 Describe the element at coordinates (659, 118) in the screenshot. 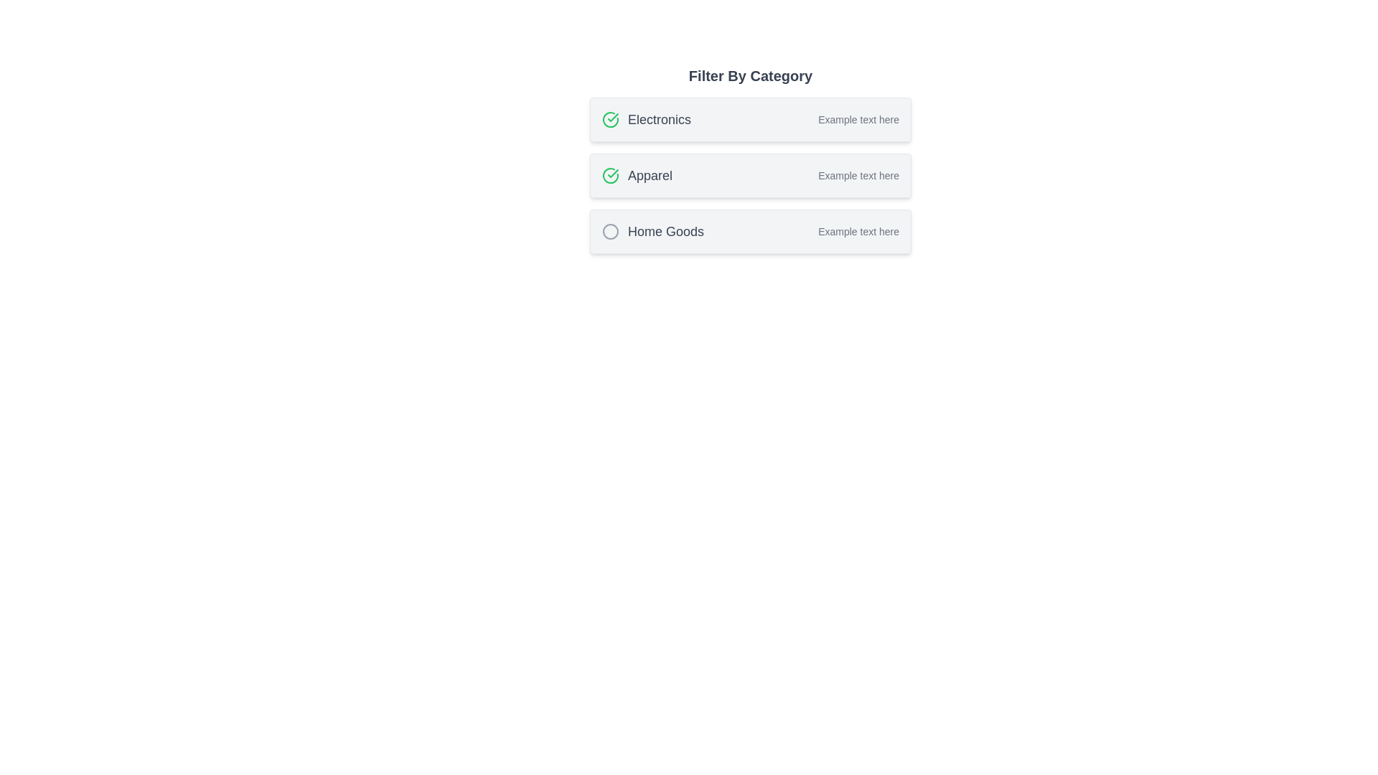

I see `the text label 'Electronics', which is styled in a medium-sized, grayish, bold font and is part of a vertical list of category labels` at that location.